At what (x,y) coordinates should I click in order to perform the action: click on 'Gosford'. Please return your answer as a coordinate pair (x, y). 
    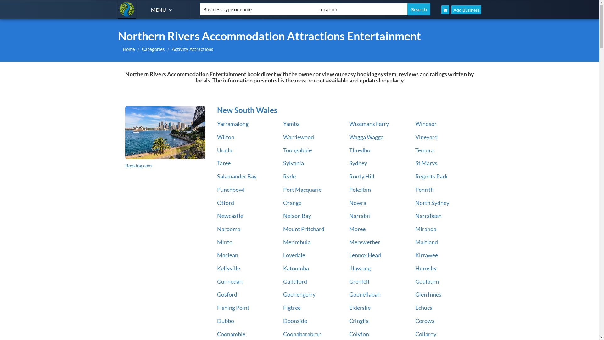
    Looking at the image, I should click on (217, 294).